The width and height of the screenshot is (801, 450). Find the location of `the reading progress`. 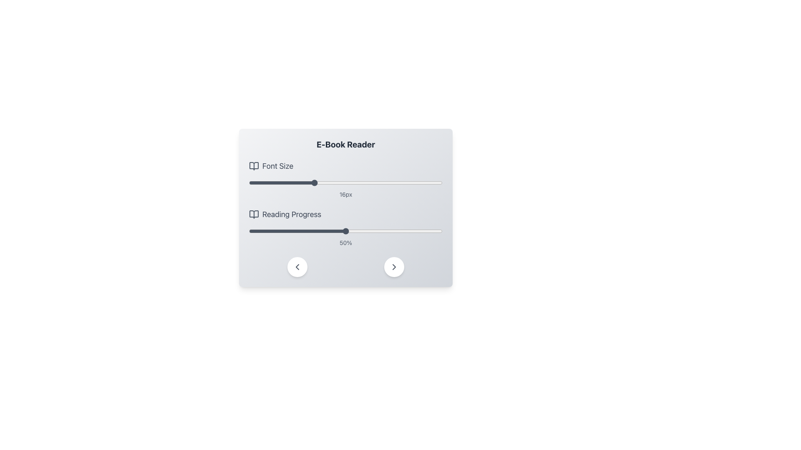

the reading progress is located at coordinates (408, 231).